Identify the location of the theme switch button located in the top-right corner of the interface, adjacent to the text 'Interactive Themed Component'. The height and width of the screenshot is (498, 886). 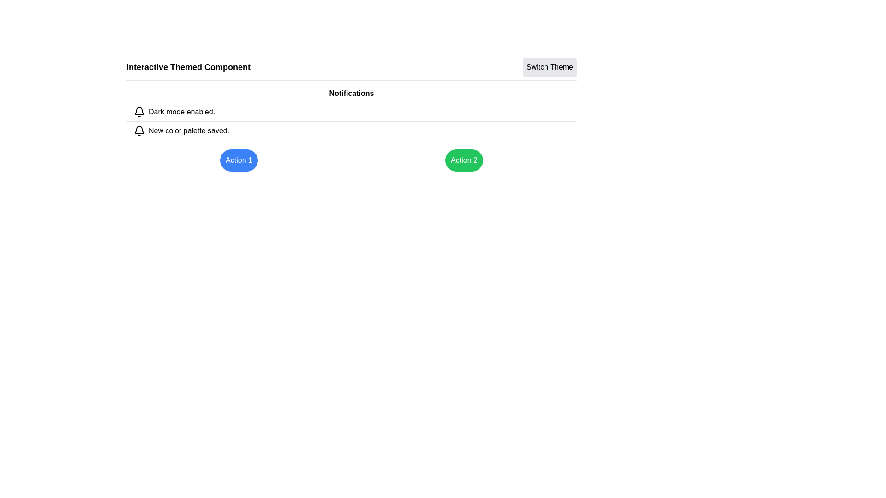
(550, 67).